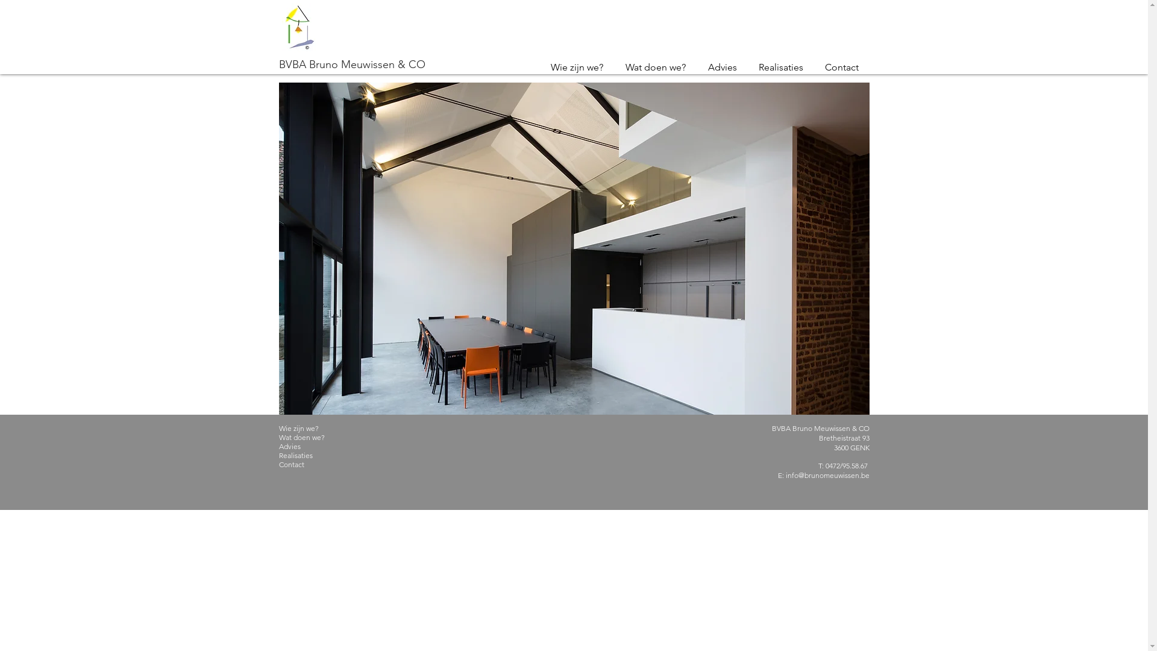  I want to click on 'Wie zijn we?', so click(577, 67).